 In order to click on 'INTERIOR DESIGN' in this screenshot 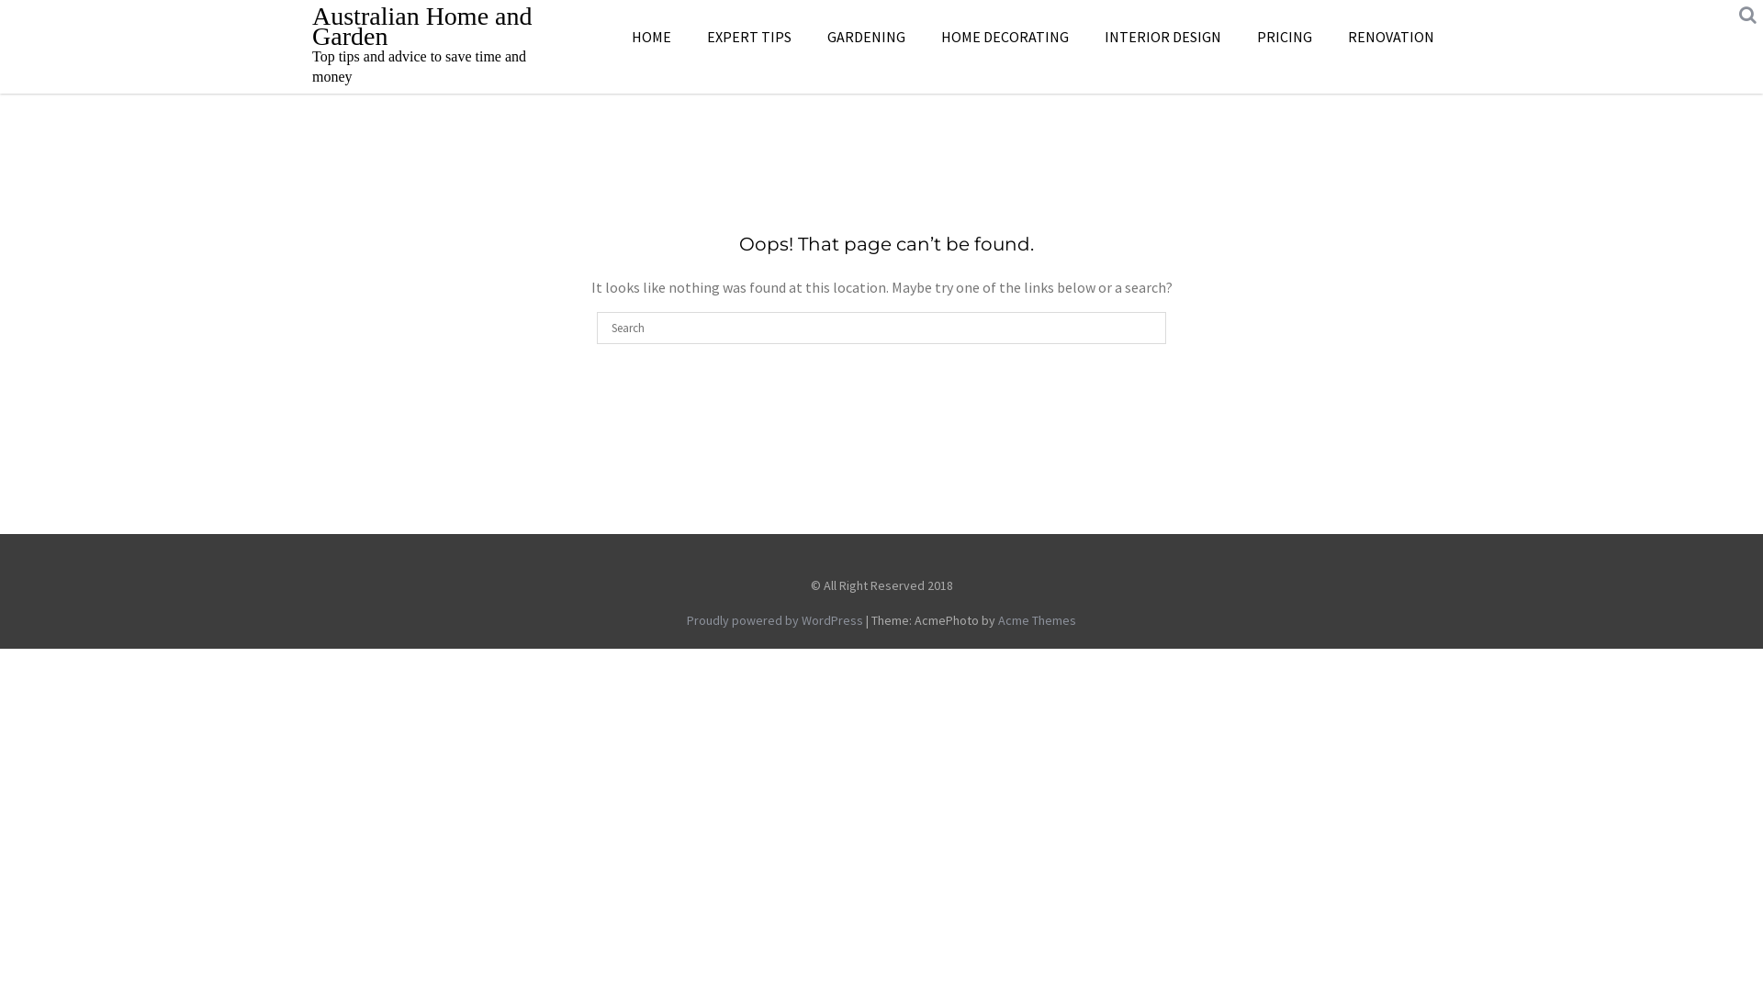, I will do `click(1162, 36)`.